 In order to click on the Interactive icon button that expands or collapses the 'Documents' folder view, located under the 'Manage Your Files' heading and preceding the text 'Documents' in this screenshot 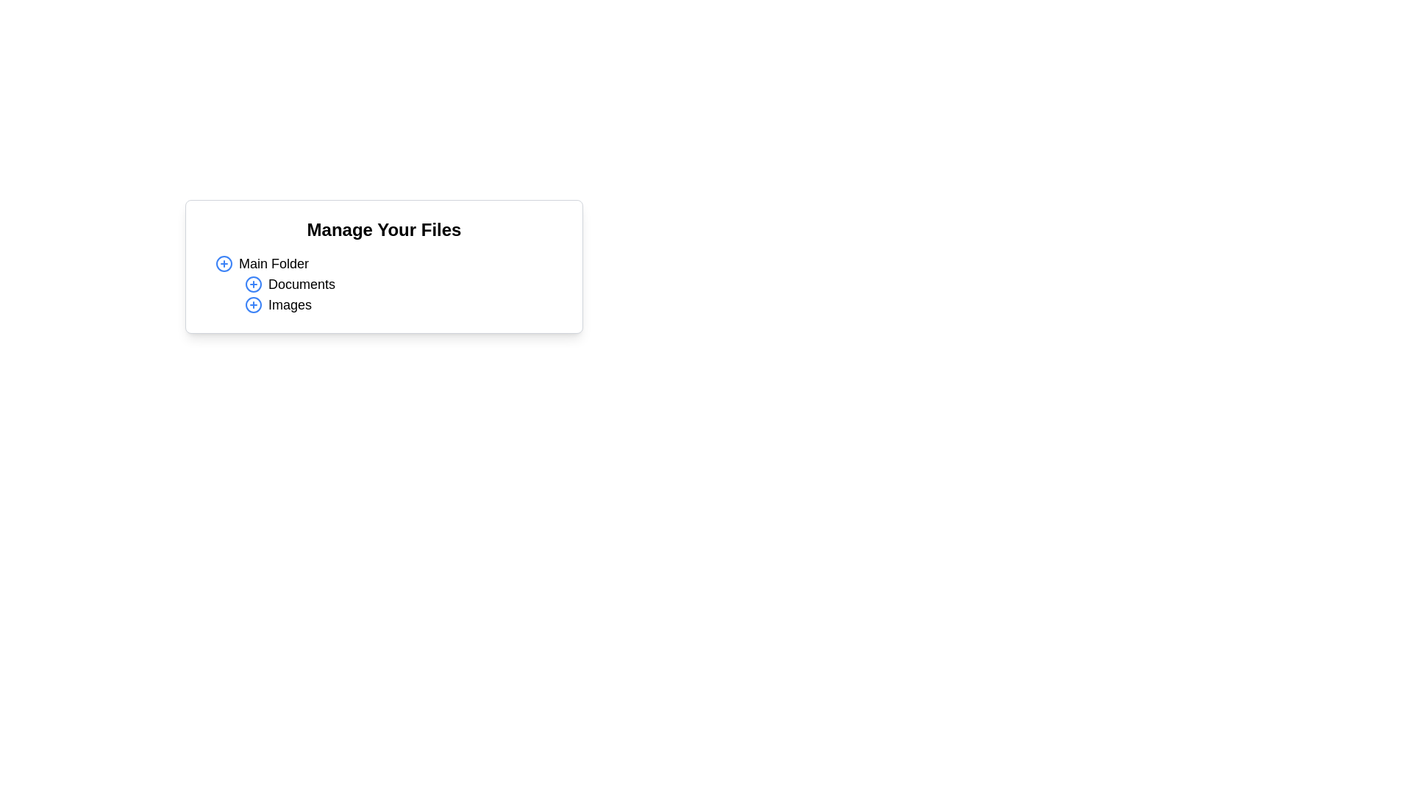, I will do `click(254, 284)`.